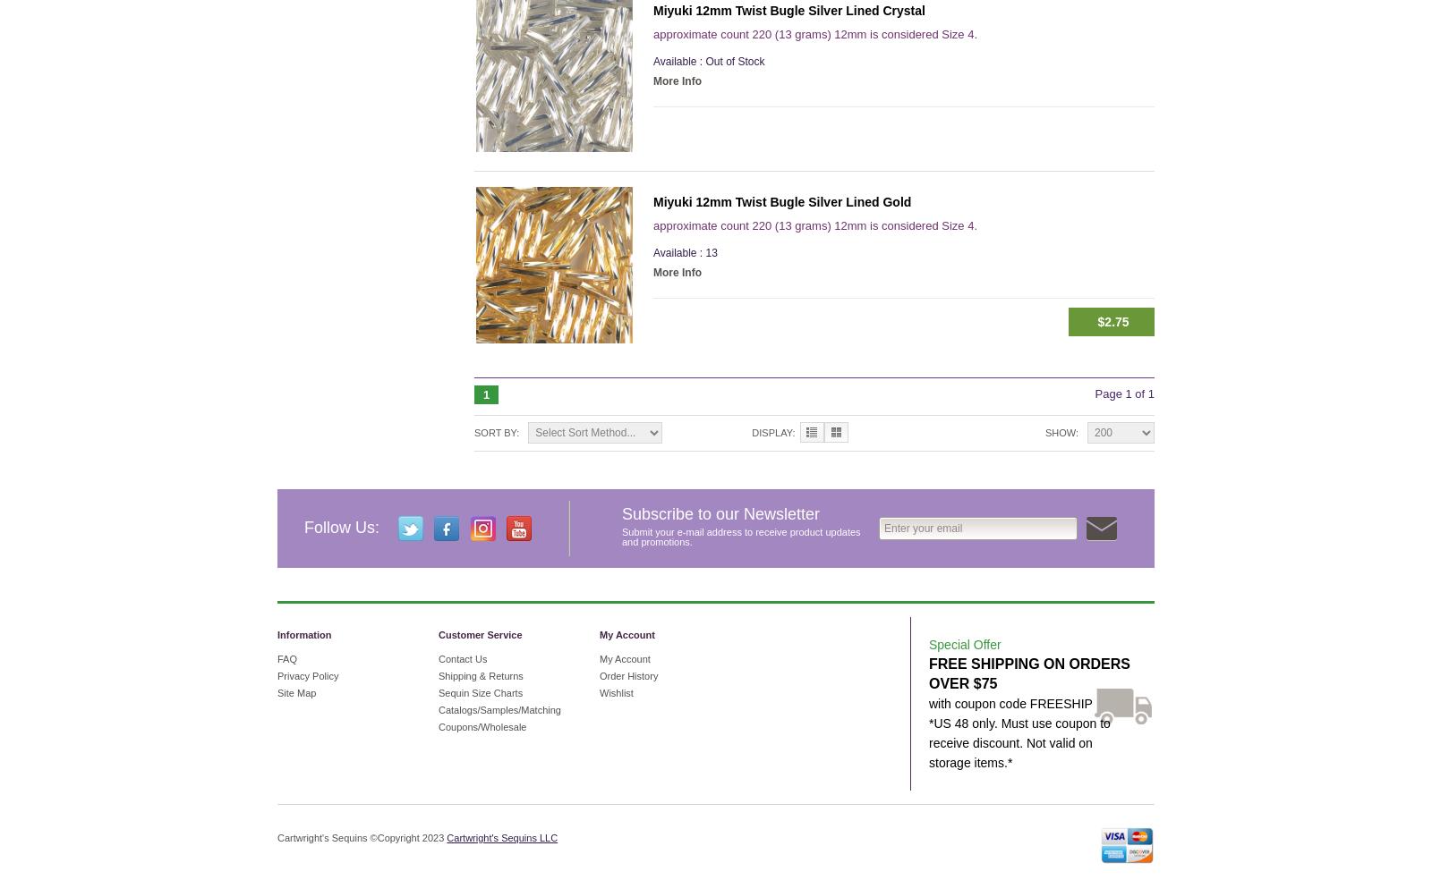 The image size is (1432, 880). What do you see at coordinates (965, 644) in the screenshot?
I see `'Special Offer'` at bounding box center [965, 644].